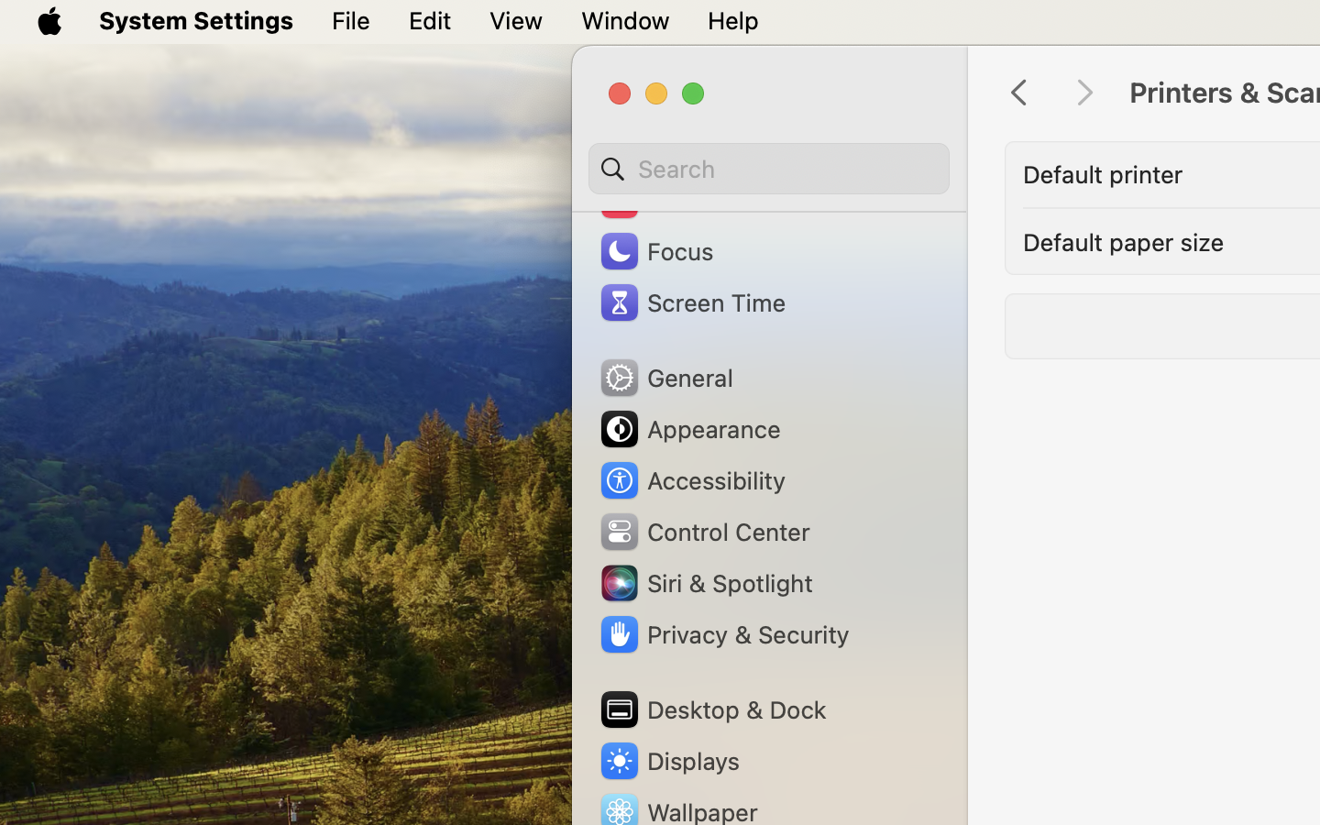  What do you see at coordinates (703, 583) in the screenshot?
I see `'Siri & Spotlight'` at bounding box center [703, 583].